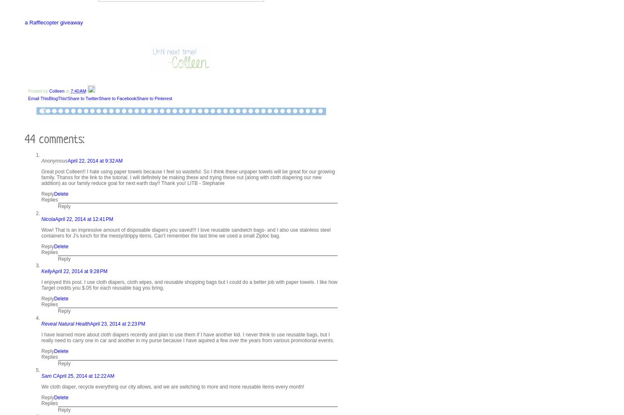 The width and height of the screenshot is (624, 415). What do you see at coordinates (173, 386) in the screenshot?
I see `'We cloth diaper, recycle everything our city allows, and we are switching to more and more reusable items every month!'` at bounding box center [173, 386].